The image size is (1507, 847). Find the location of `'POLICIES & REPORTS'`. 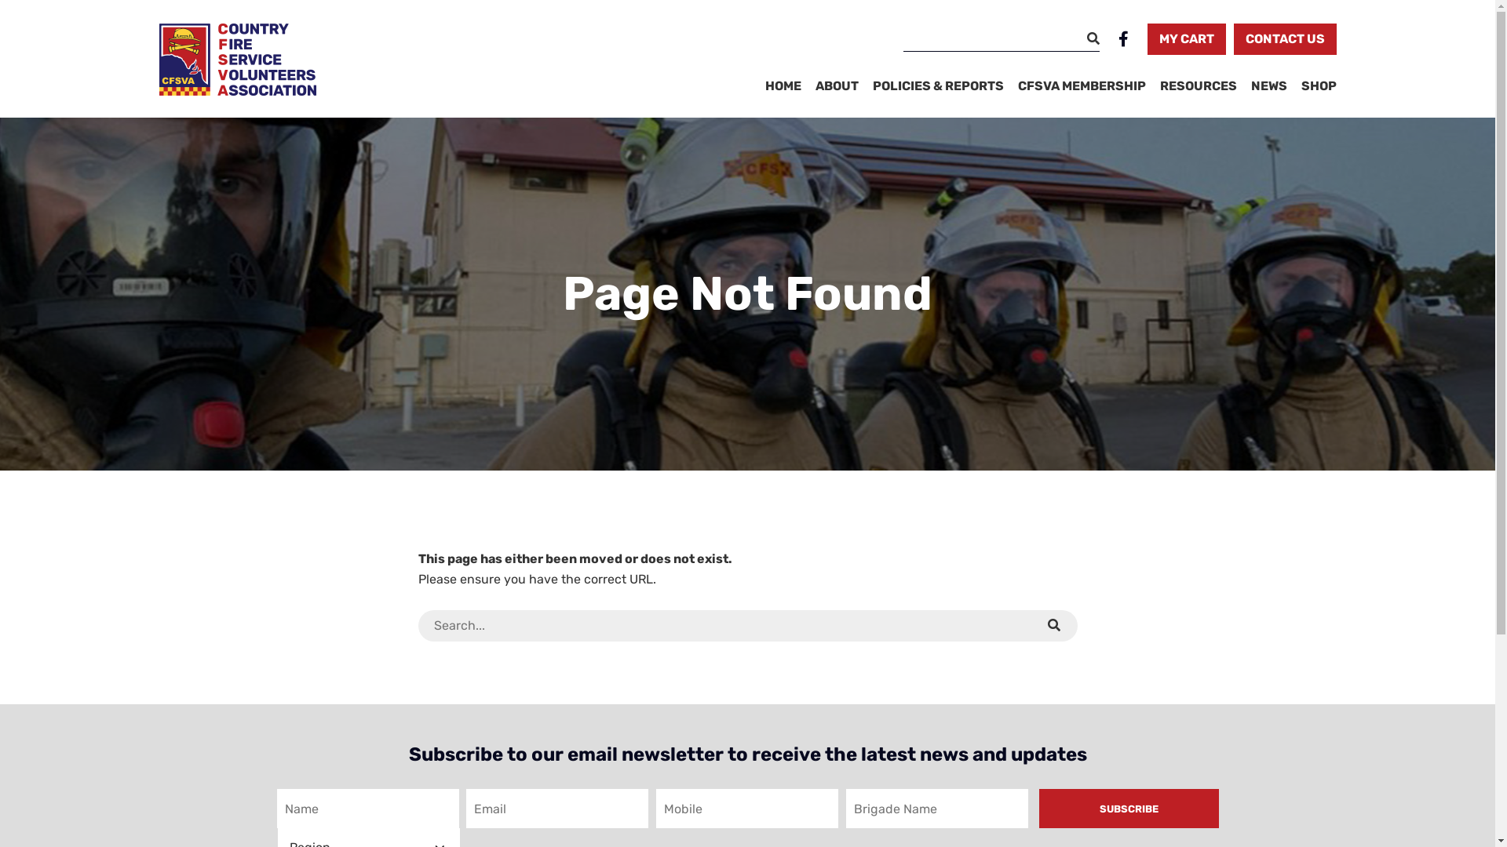

'POLICIES & REPORTS' is located at coordinates (938, 85).